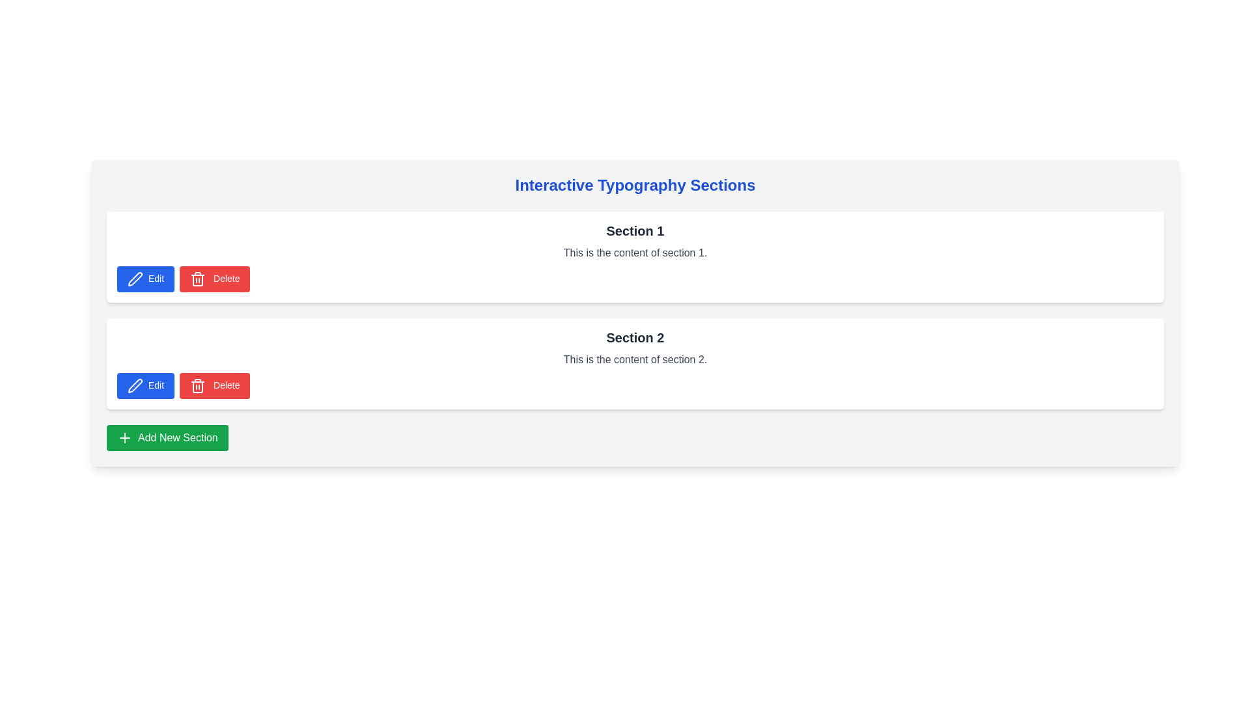 This screenshot has height=703, width=1250. What do you see at coordinates (197, 385) in the screenshot?
I see `the red trashcan icon embedded in the 'Delete' button located under 'Section 1' and 'Section 2'` at bounding box center [197, 385].